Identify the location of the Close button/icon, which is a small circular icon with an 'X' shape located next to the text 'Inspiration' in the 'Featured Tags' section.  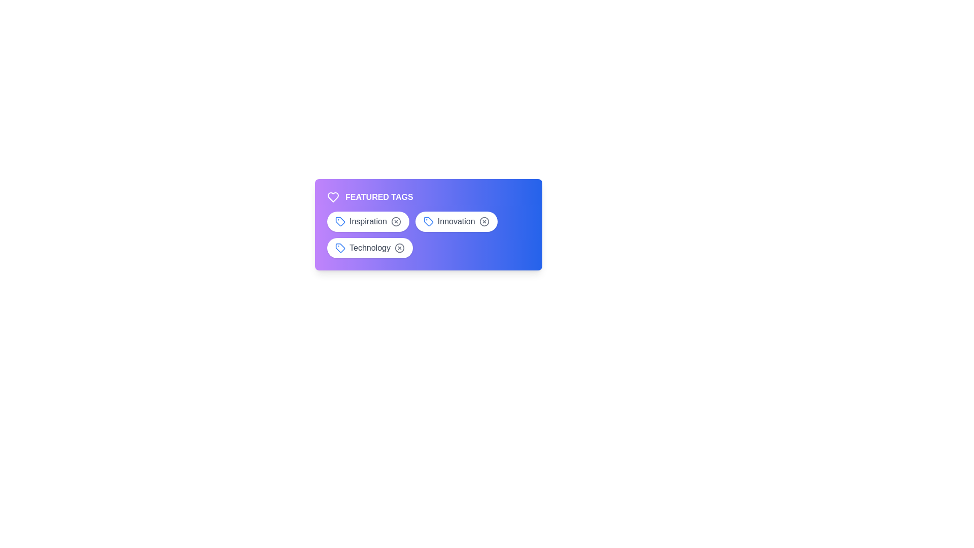
(395, 221).